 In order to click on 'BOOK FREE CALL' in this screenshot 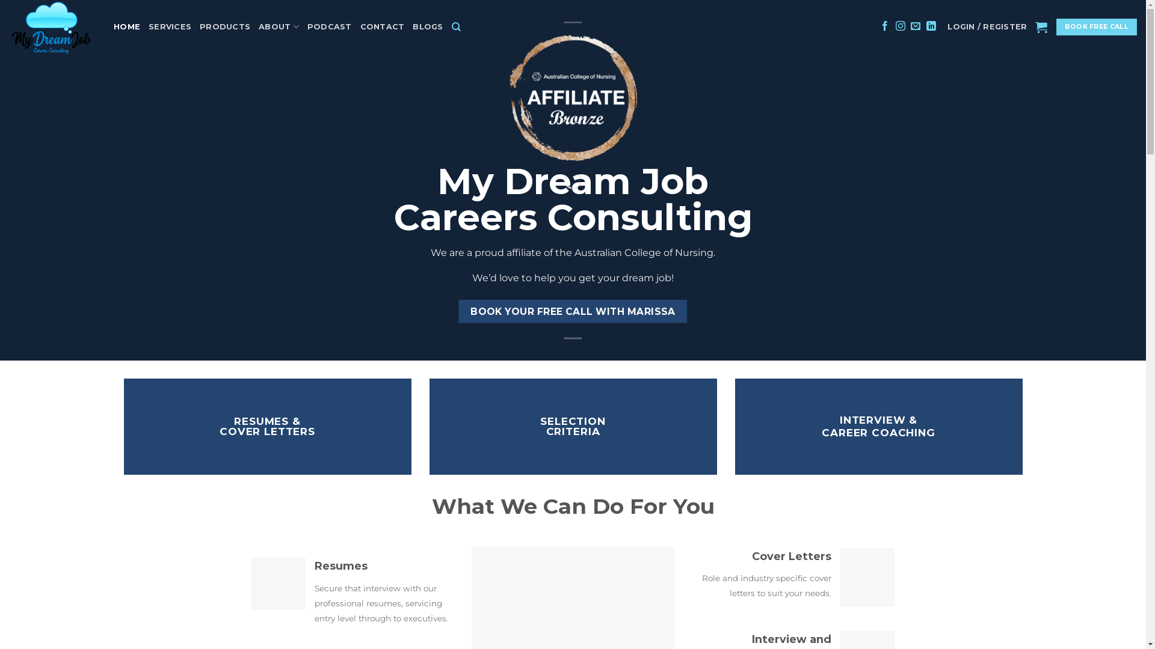, I will do `click(1056, 27)`.